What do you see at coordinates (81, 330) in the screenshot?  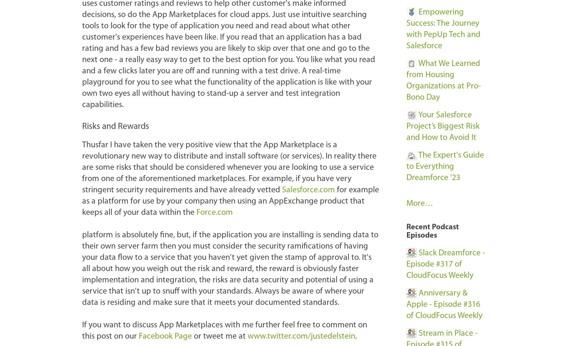 I see `'If you want to discuss App Marketplaces with me further feel free to comment on this post on our'` at bounding box center [81, 330].